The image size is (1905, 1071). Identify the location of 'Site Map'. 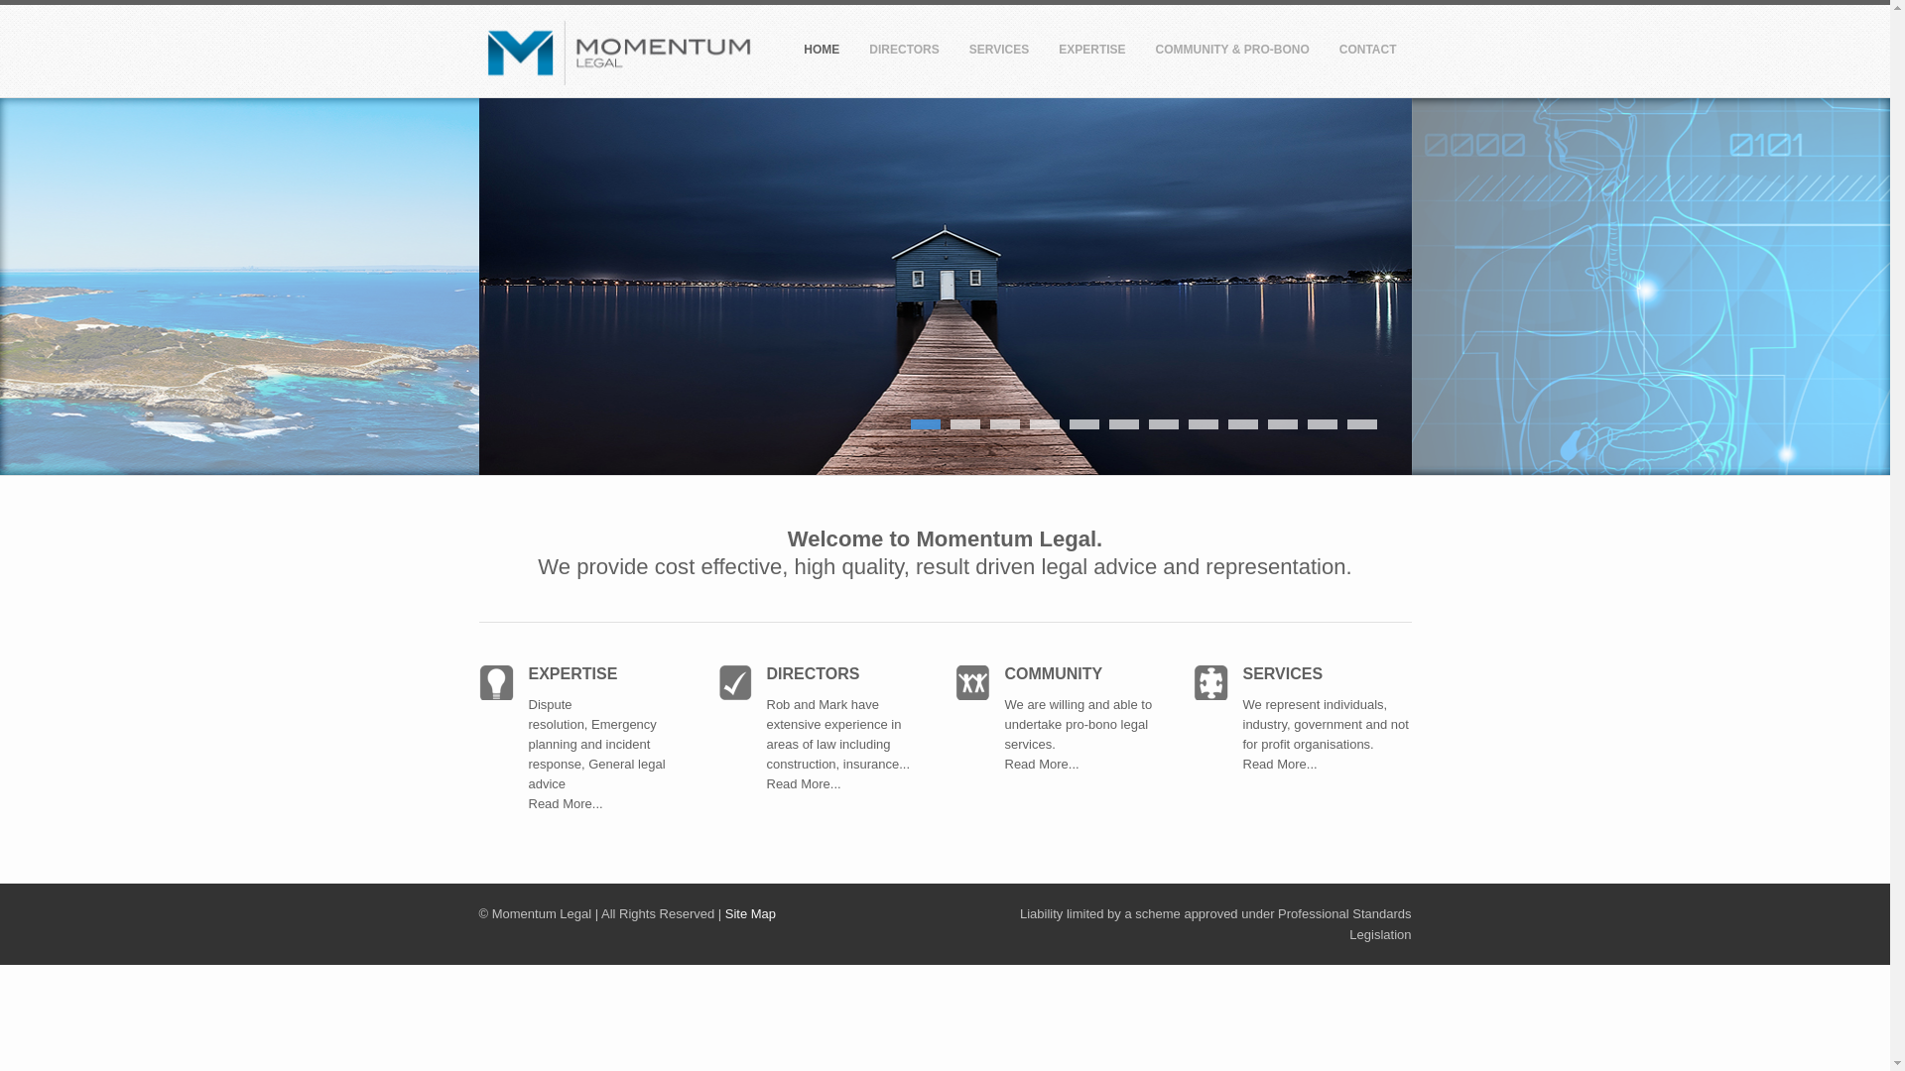
(749, 913).